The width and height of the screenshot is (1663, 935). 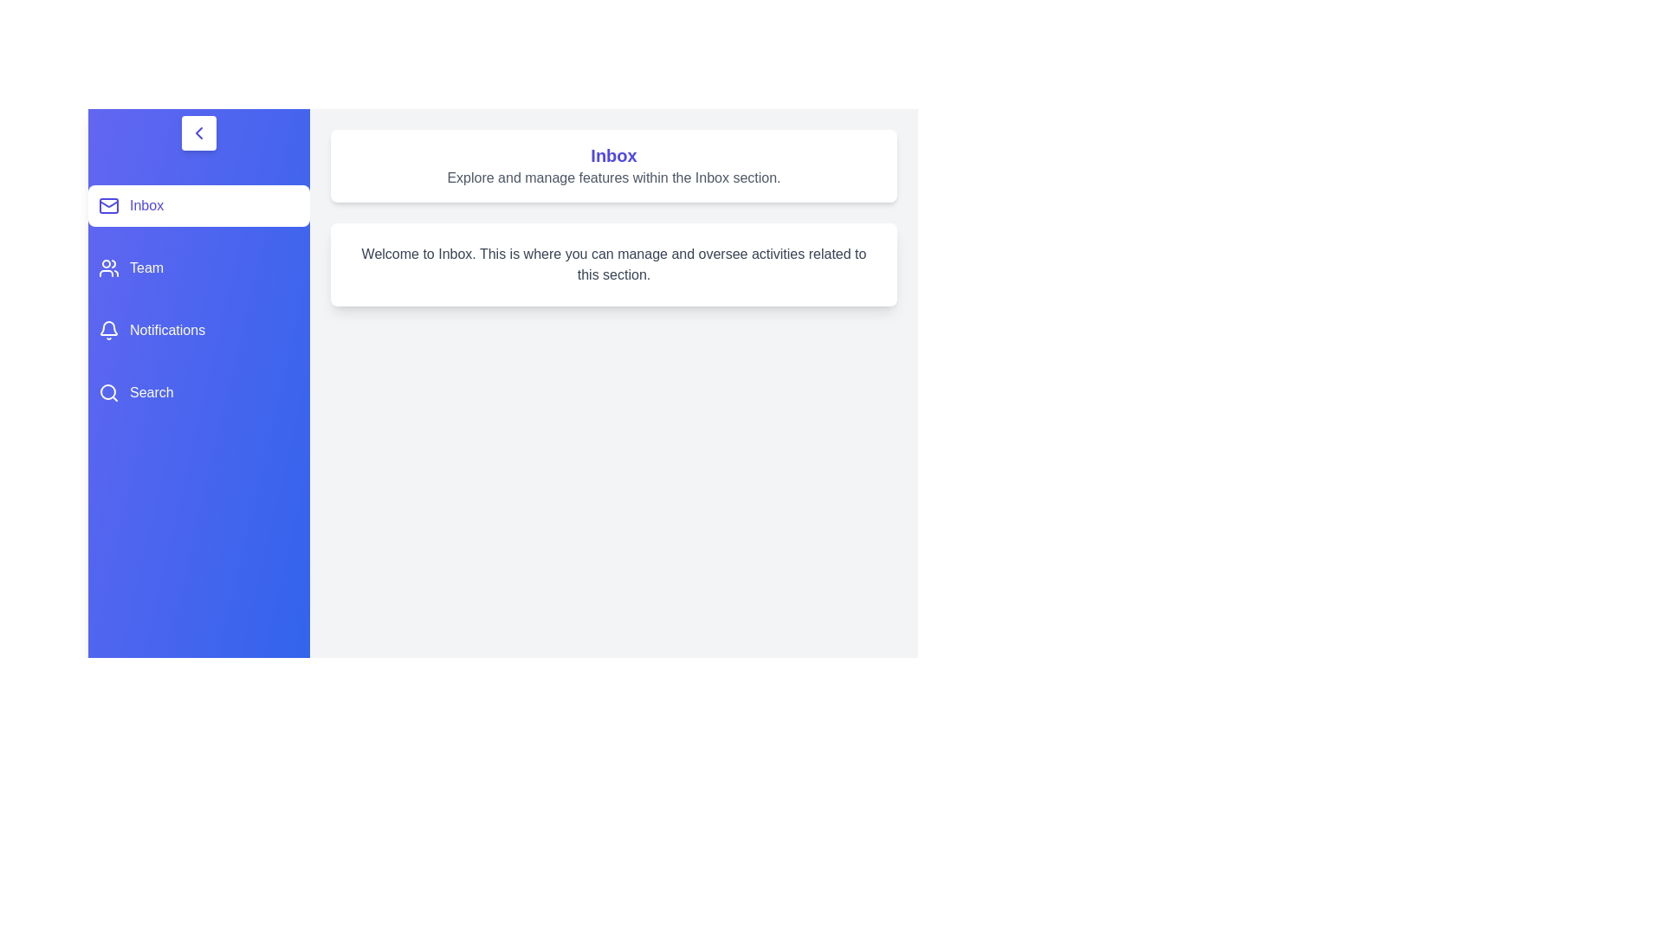 I want to click on the tab corresponding to Team, so click(x=199, y=268).